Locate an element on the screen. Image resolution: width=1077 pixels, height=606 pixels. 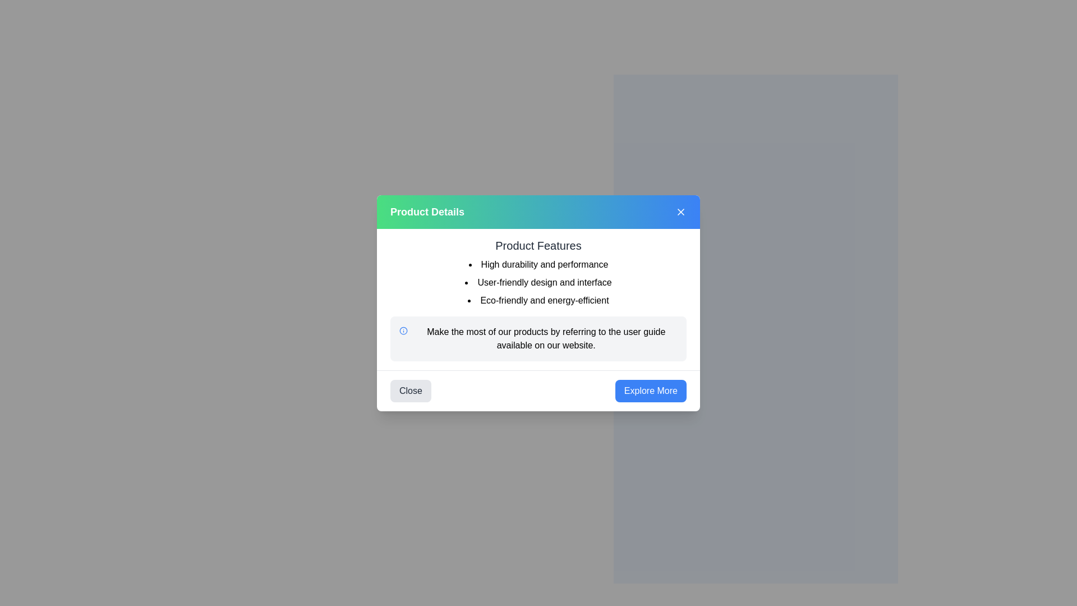
the close button located at the top-right corner of the 'Product Details' modal is located at coordinates (680, 212).